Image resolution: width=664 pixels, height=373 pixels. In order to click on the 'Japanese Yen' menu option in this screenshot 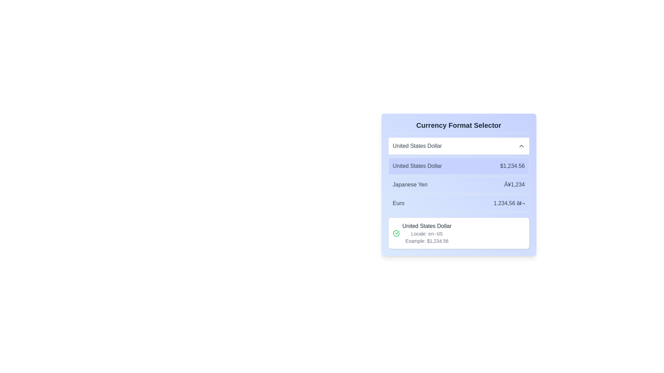, I will do `click(459, 184)`.